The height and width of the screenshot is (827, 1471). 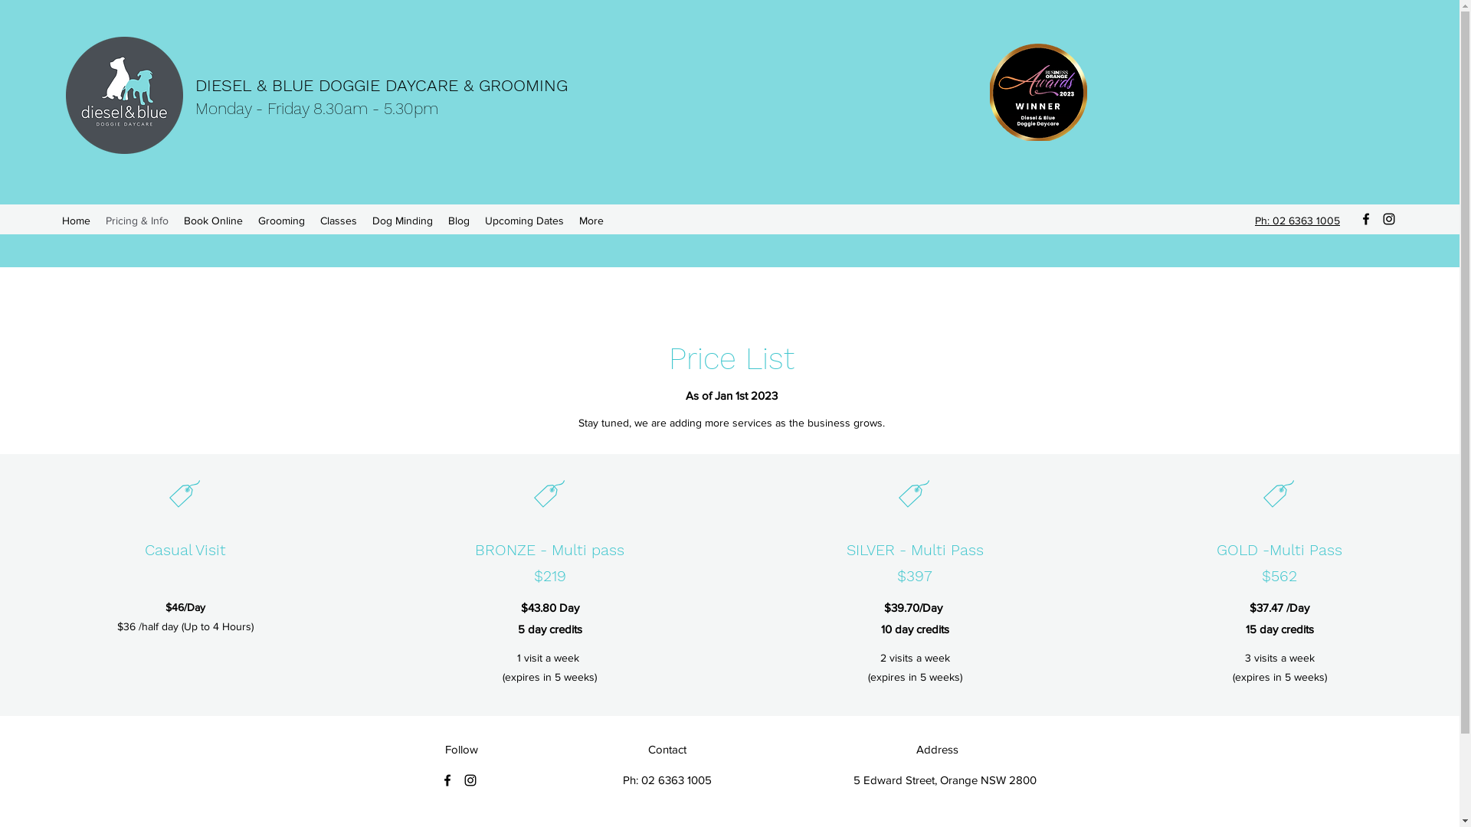 I want to click on 'Grooming', so click(x=250, y=221).